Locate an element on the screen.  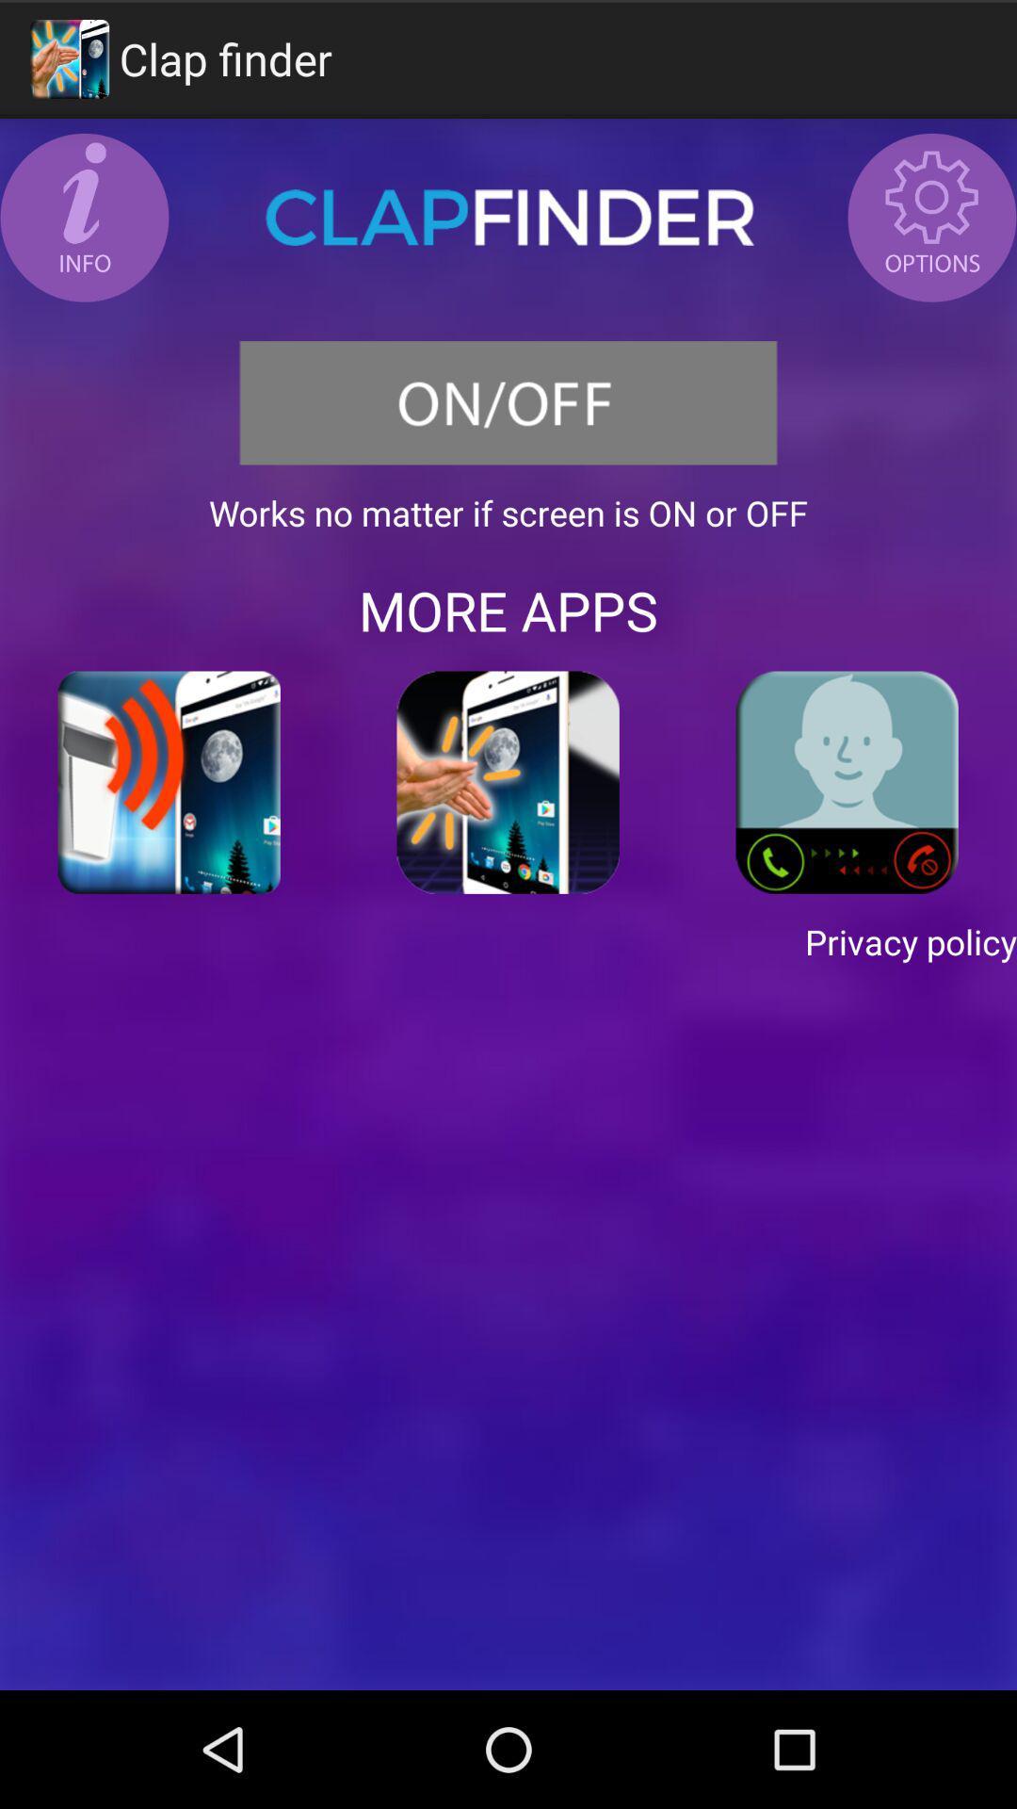
item above the privacy policy item is located at coordinates (169, 782).